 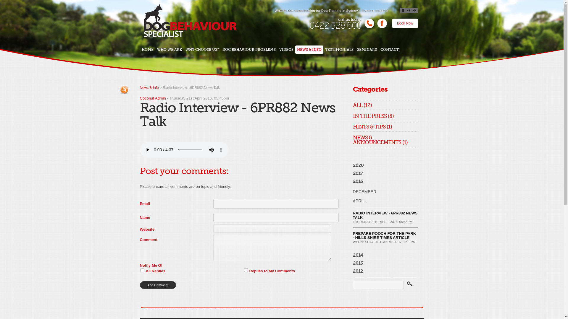 What do you see at coordinates (410, 285) in the screenshot?
I see `'Search'` at bounding box center [410, 285].